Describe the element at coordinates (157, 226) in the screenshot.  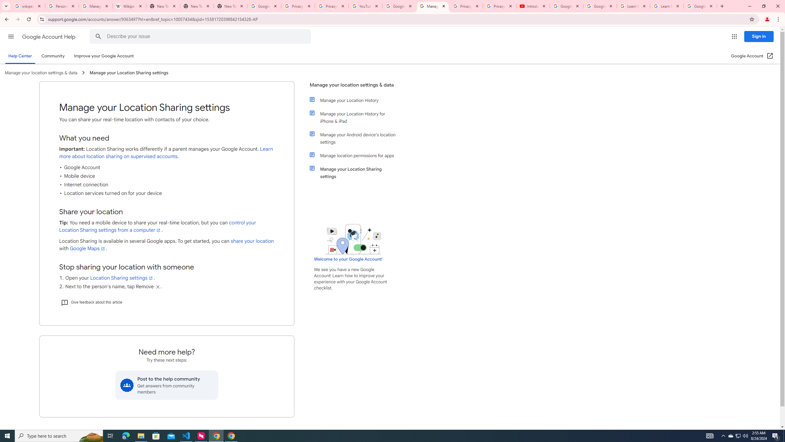
I see `'control your Location Sharing settings from a computer'` at that location.